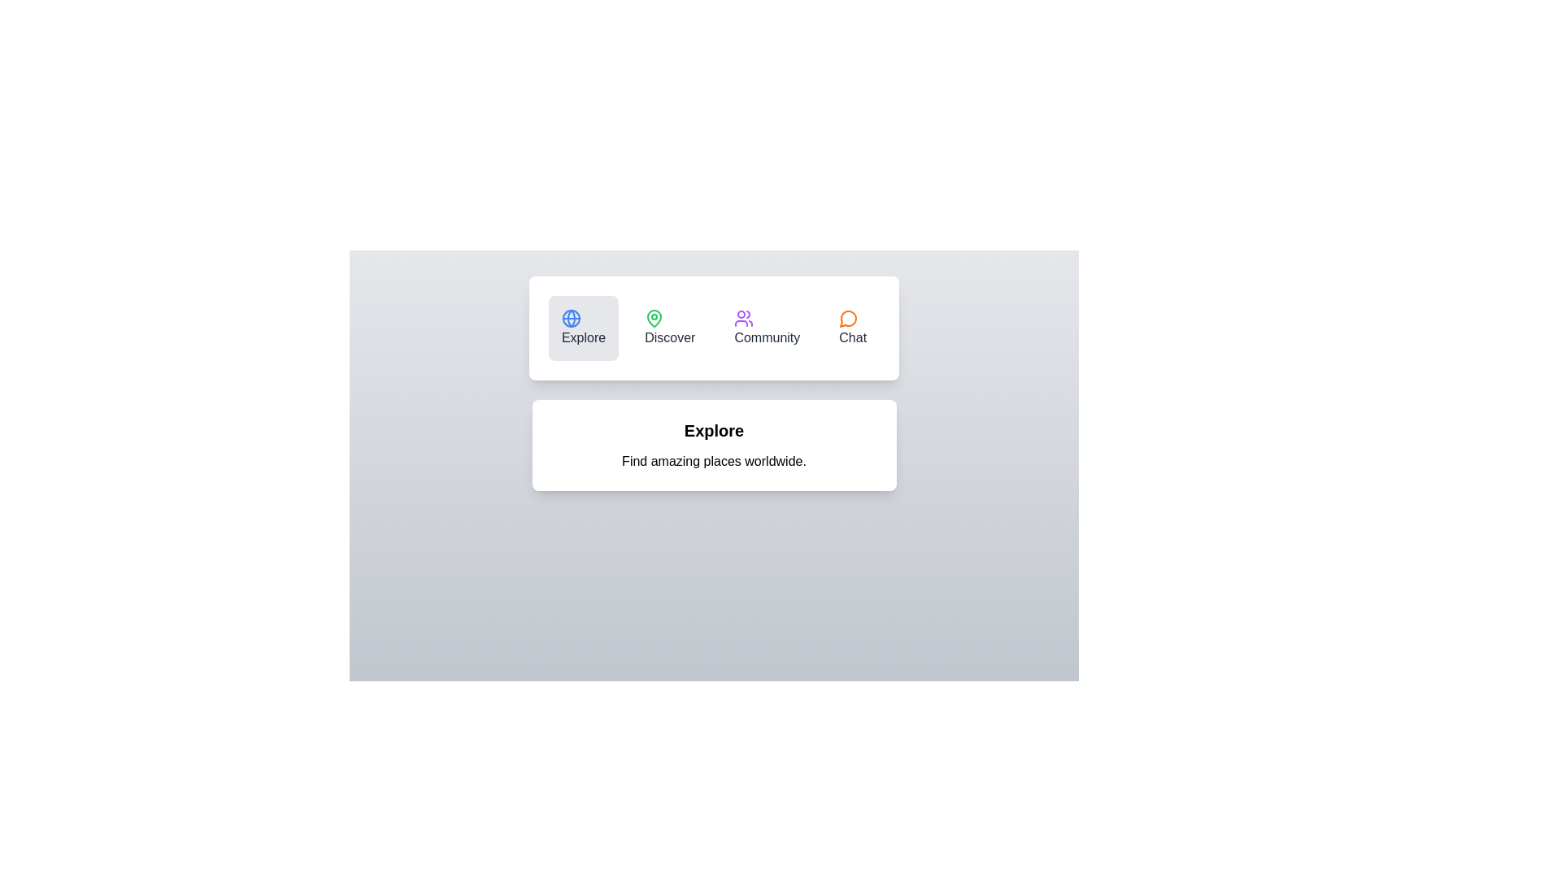  What do you see at coordinates (852, 328) in the screenshot?
I see `the tab labeled Chat to view its content` at bounding box center [852, 328].